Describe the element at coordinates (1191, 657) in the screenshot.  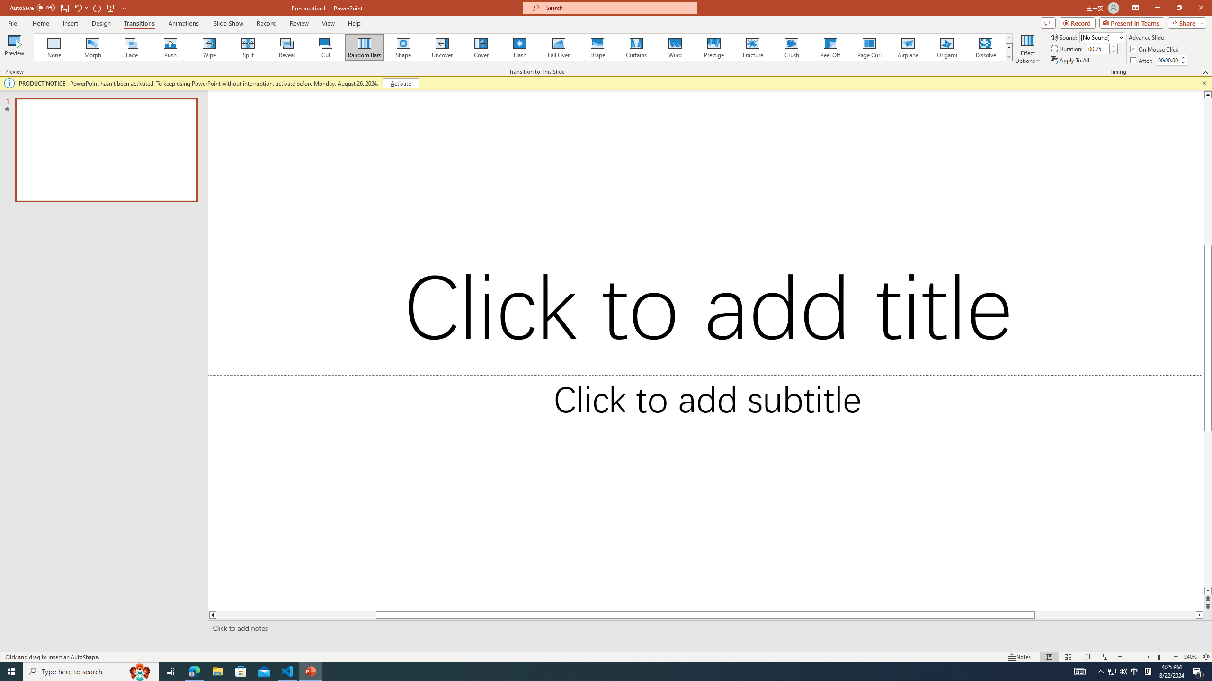
I see `'Zoom 240%'` at that location.